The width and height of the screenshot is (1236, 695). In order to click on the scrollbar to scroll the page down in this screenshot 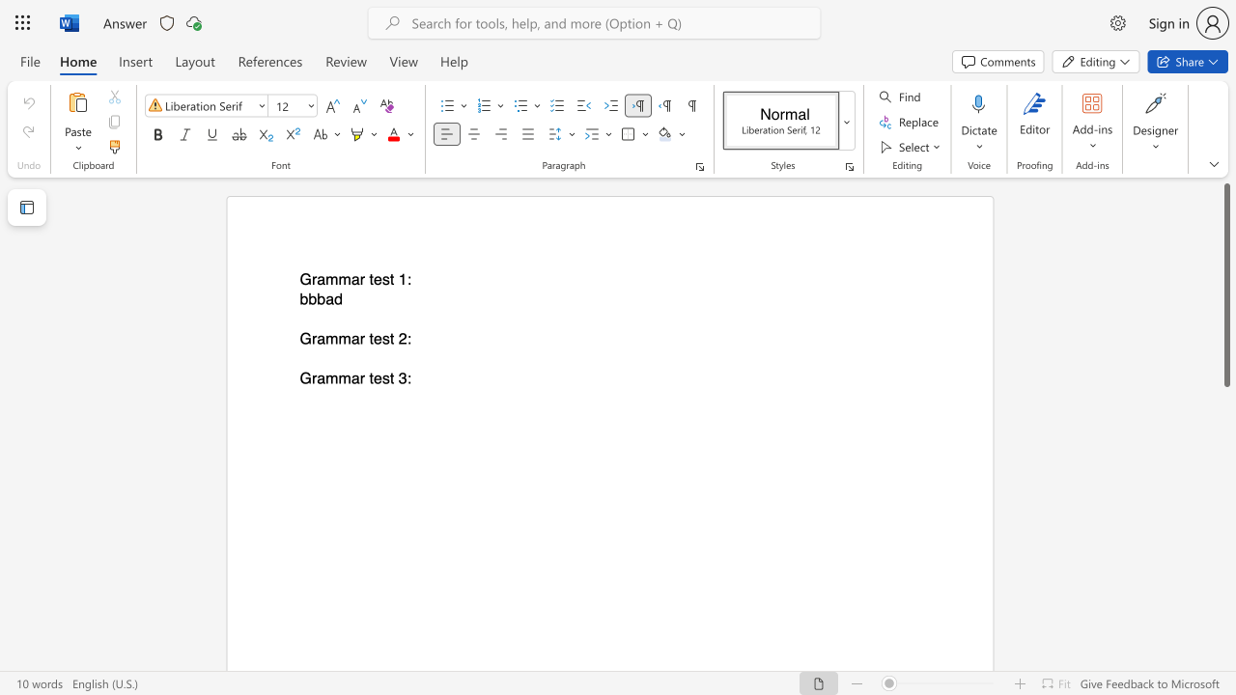, I will do `click(1225, 627)`.